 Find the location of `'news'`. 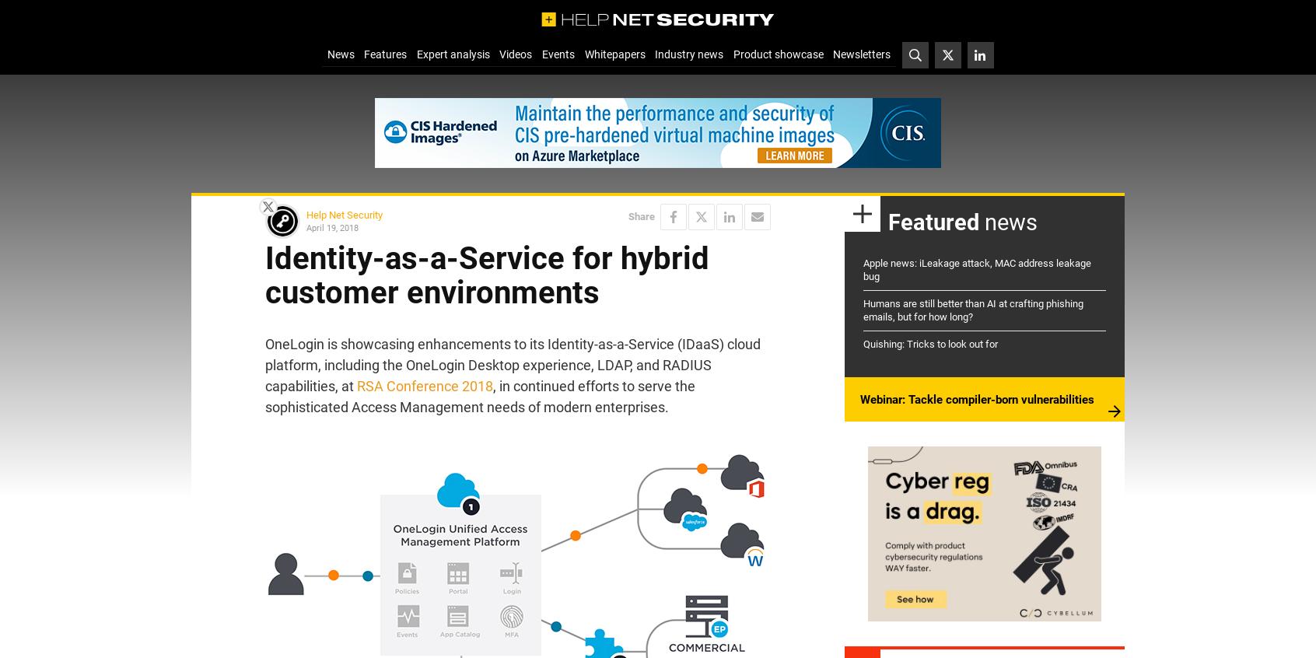

'news' is located at coordinates (1007, 221).